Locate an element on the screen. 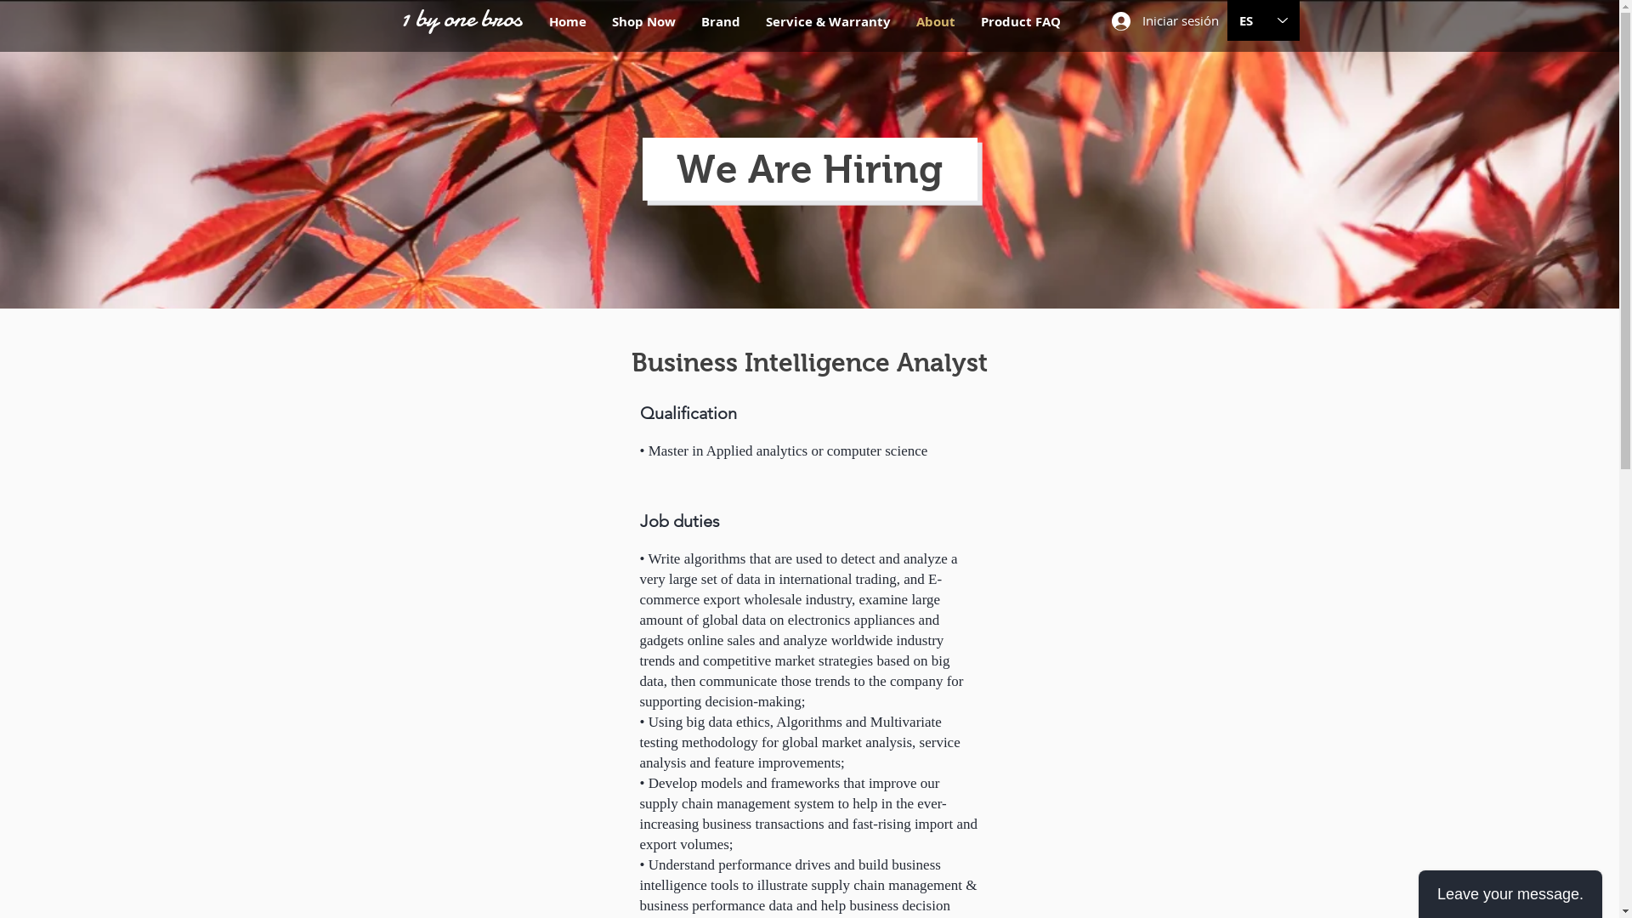 The width and height of the screenshot is (1632, 918). 'Shop Now' is located at coordinates (598, 22).